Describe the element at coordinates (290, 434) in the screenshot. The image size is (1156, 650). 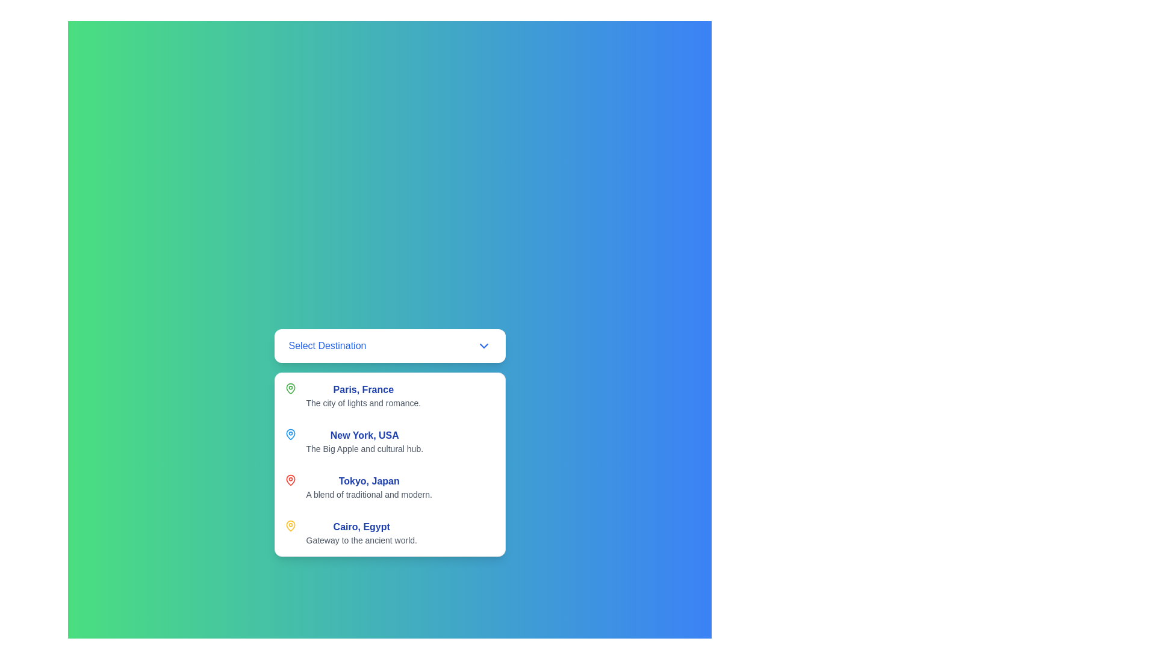
I see `the blue location pin icon` at that location.